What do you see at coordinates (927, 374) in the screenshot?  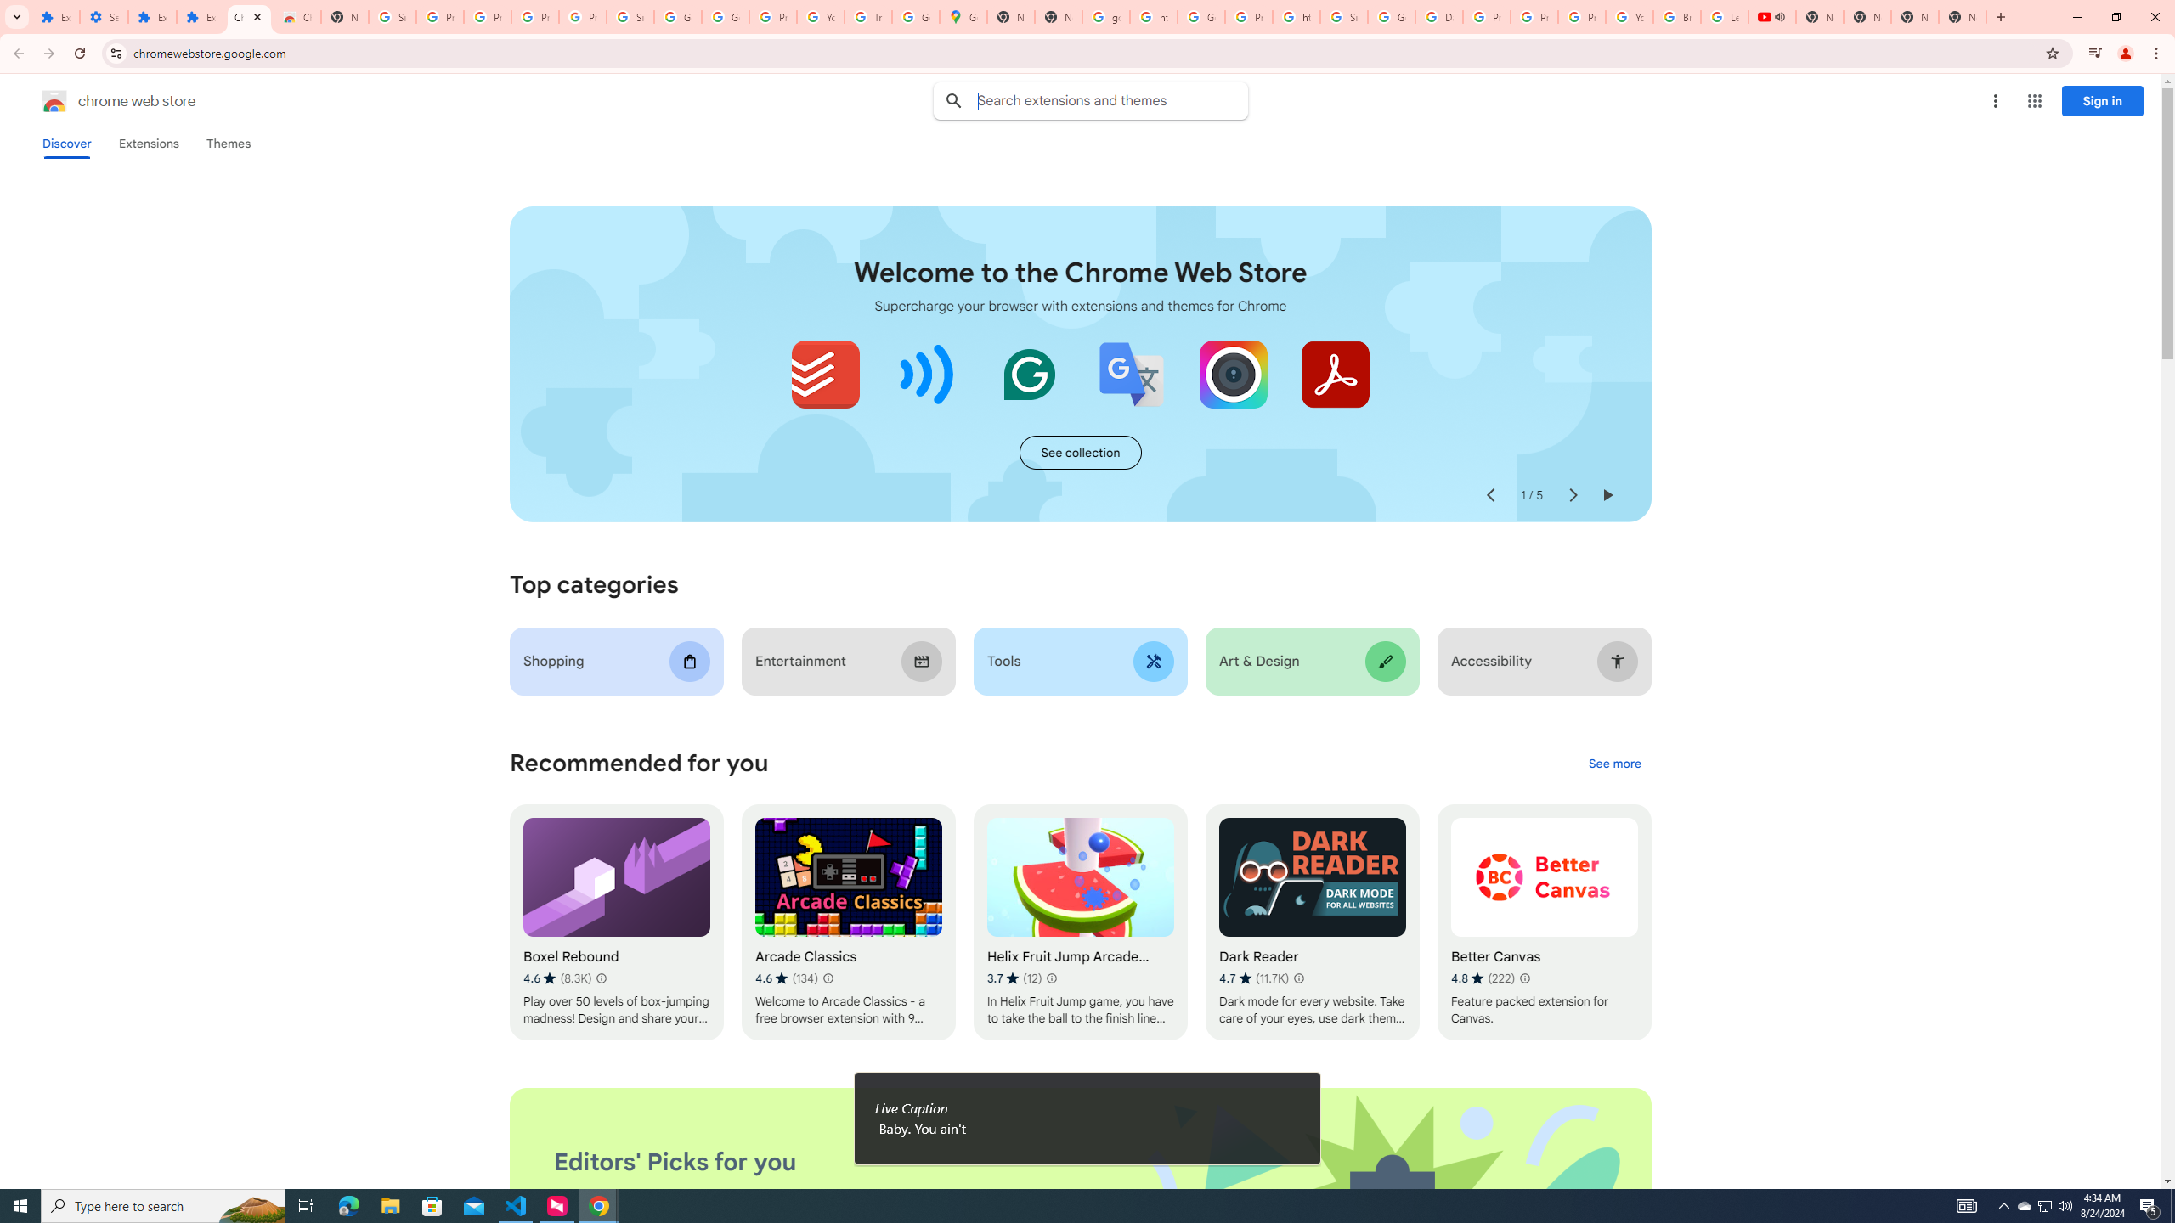 I see `'Volume Master'` at bounding box center [927, 374].